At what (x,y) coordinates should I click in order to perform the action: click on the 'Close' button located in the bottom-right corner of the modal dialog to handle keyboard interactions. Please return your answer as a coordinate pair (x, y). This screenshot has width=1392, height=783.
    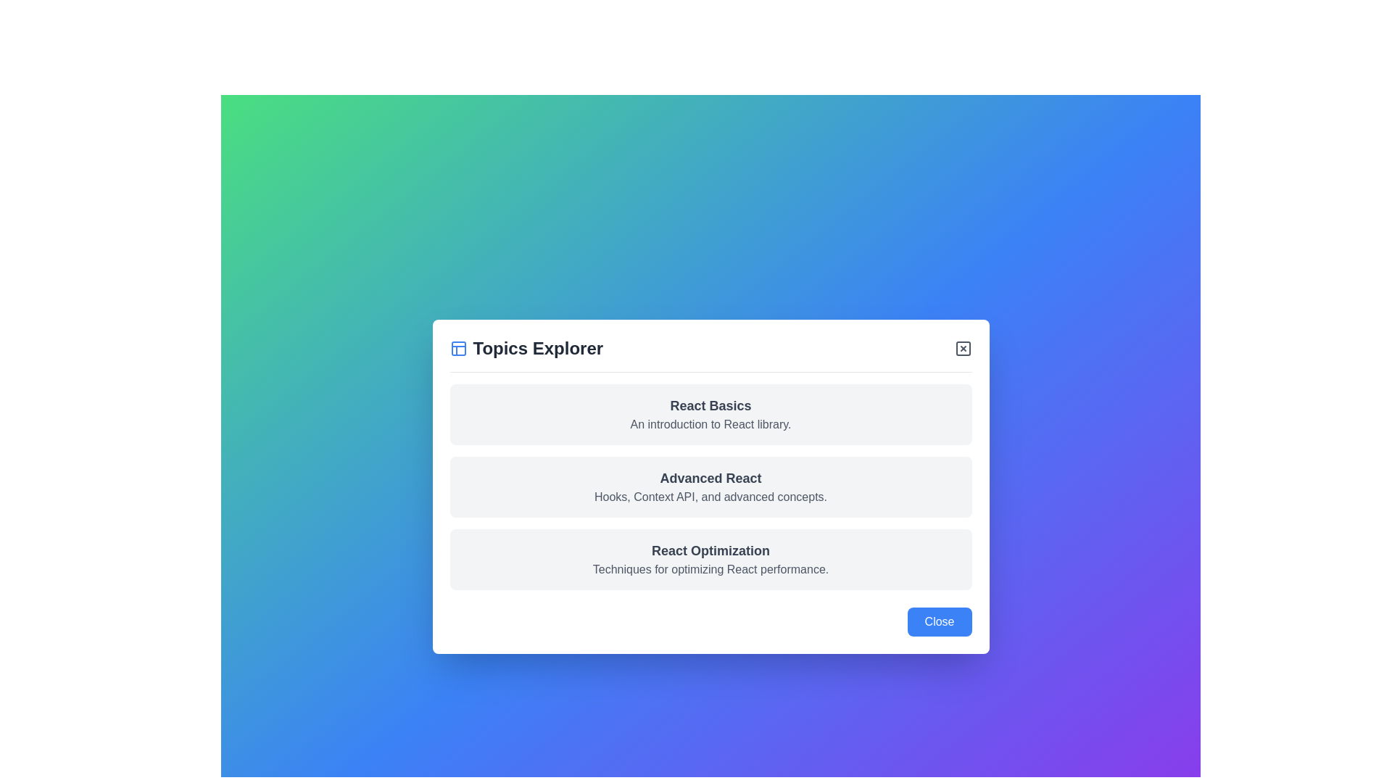
    Looking at the image, I should click on (940, 621).